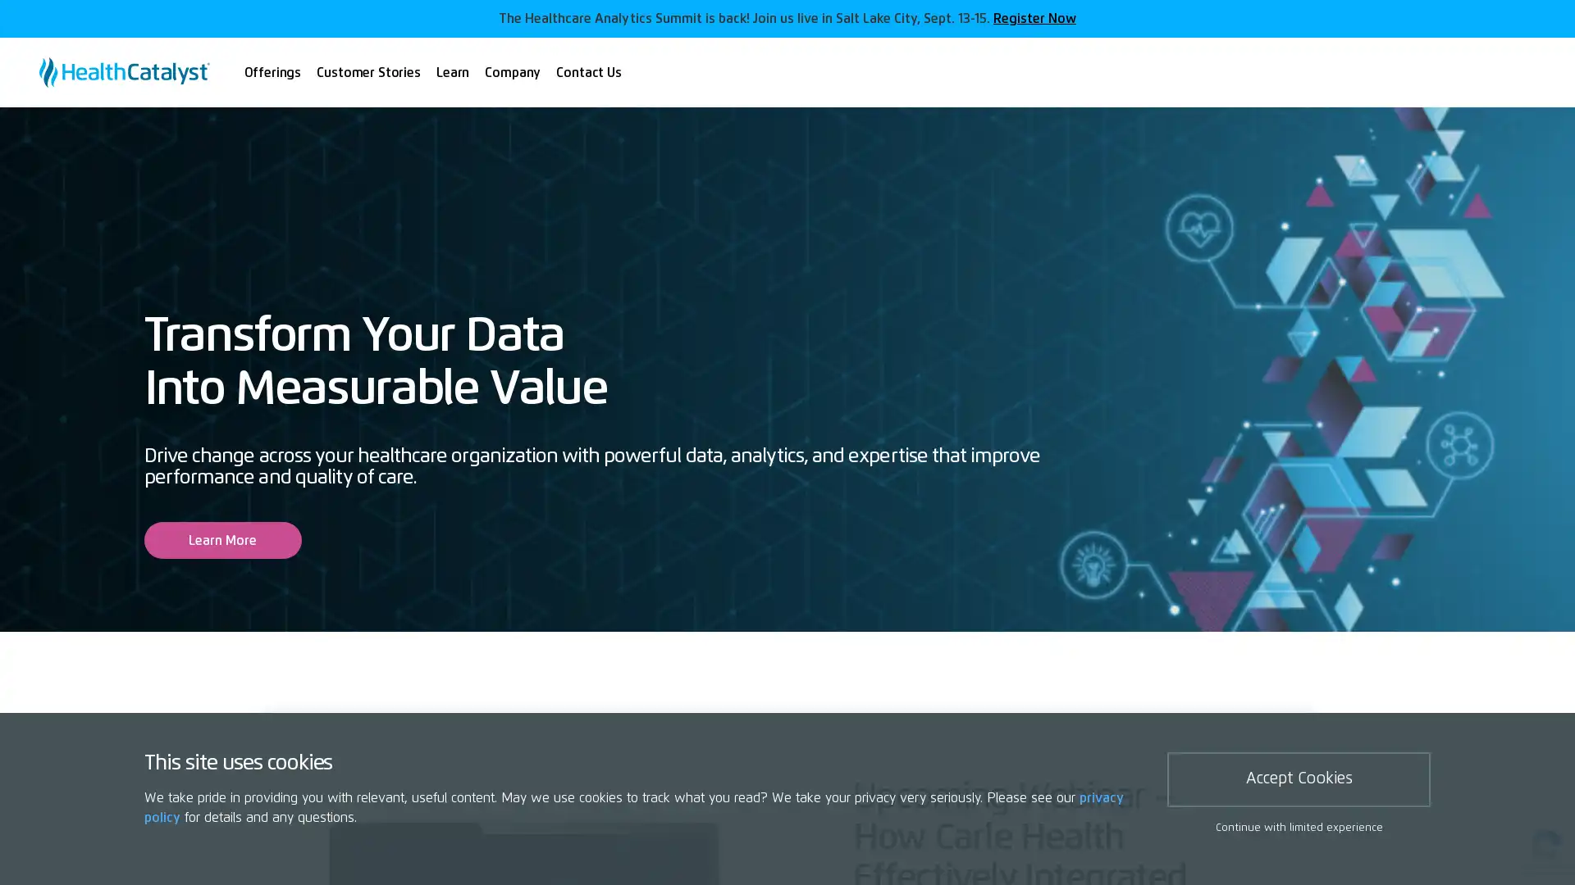  What do you see at coordinates (1298, 827) in the screenshot?
I see `Continue with limited experience` at bounding box center [1298, 827].